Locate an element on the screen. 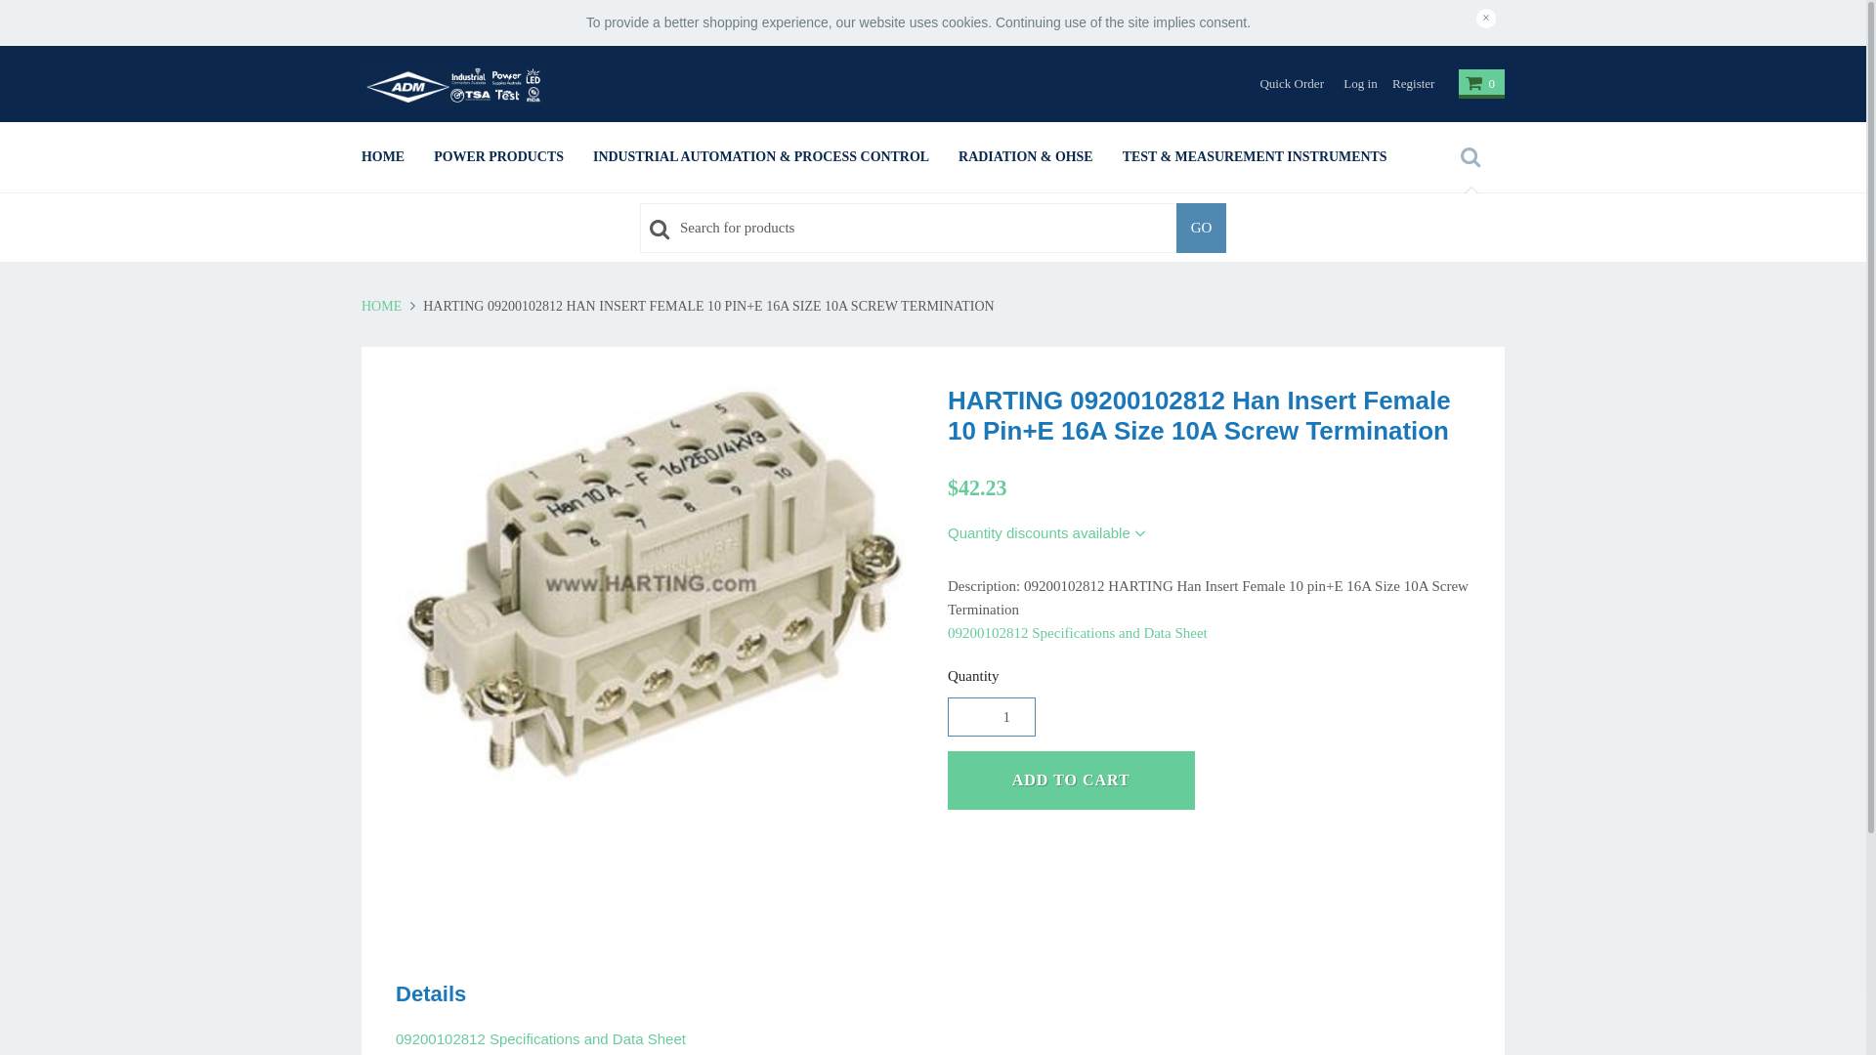 Image resolution: width=1876 pixels, height=1055 pixels. 'INDUSTRIAL AUTOMATION & PROCESS CONTROL' is located at coordinates (759, 156).